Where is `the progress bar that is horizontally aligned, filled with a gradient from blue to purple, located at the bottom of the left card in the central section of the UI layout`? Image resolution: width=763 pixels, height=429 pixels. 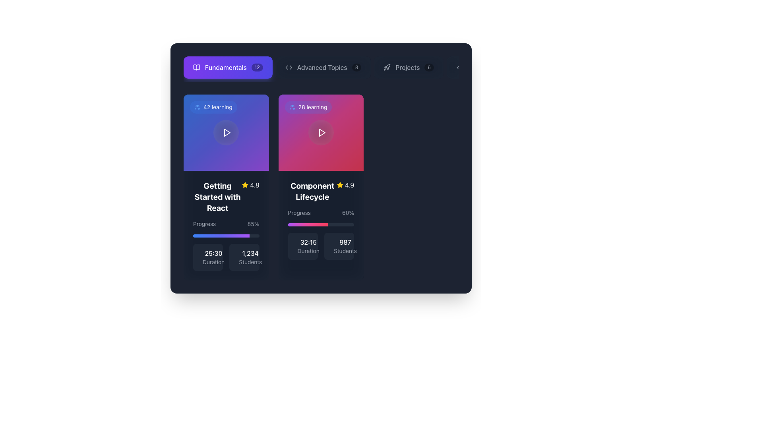
the progress bar that is horizontally aligned, filled with a gradient from blue to purple, located at the bottom of the left card in the central section of the UI layout is located at coordinates (221, 236).